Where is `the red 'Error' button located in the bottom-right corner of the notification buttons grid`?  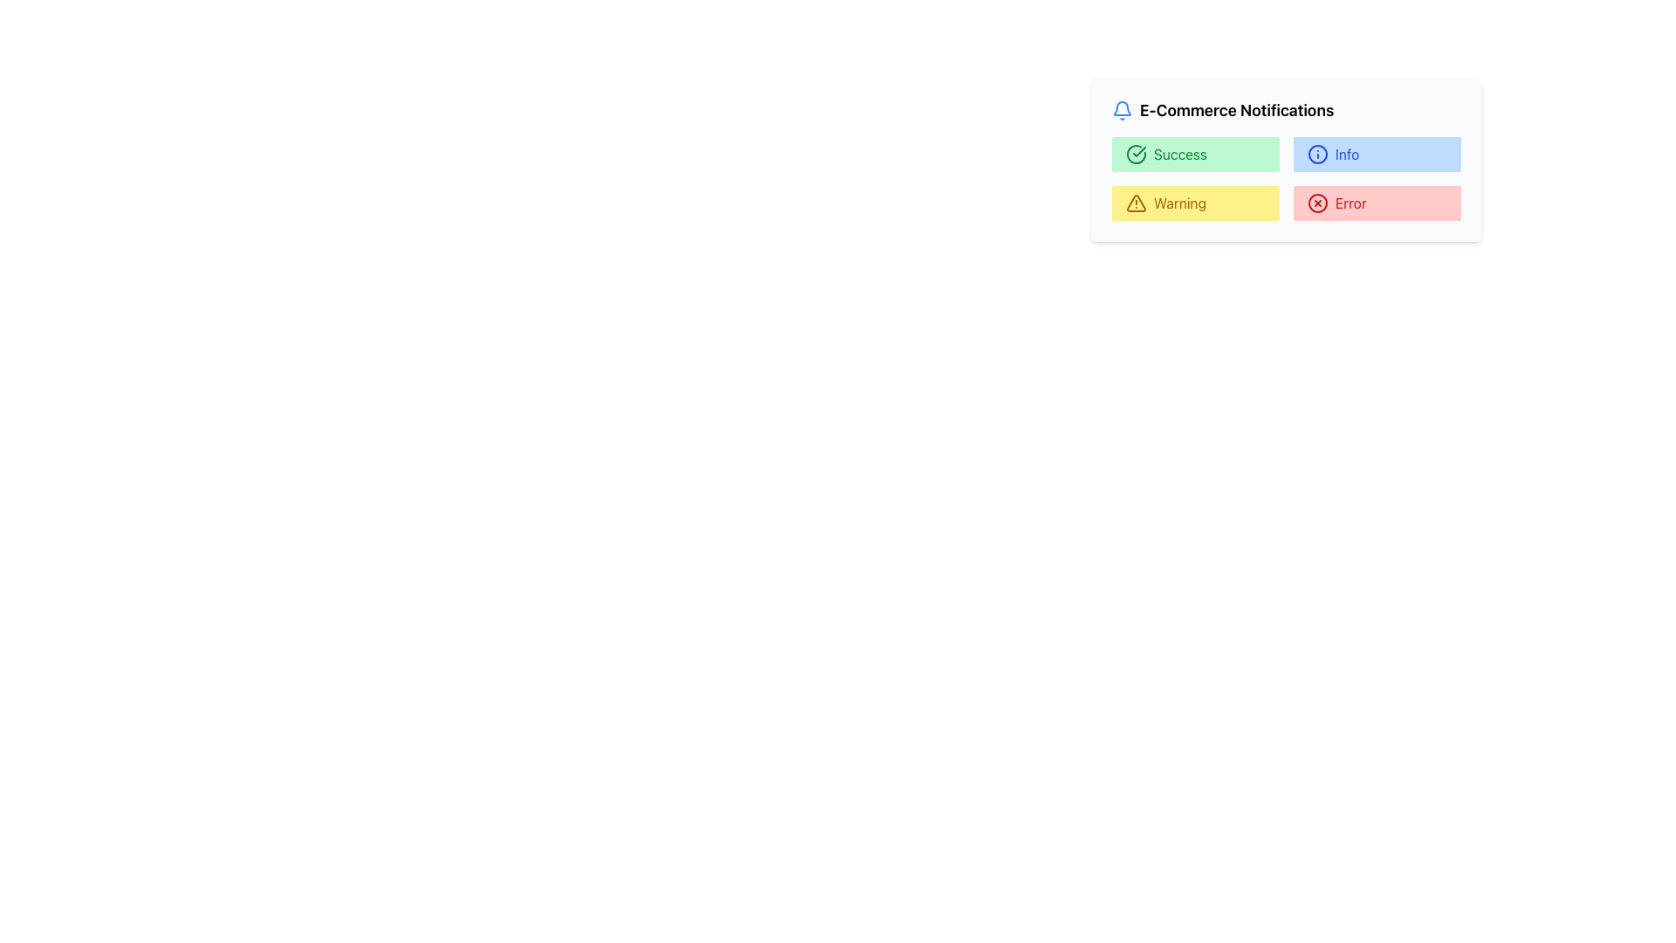 the red 'Error' button located in the bottom-right corner of the notification buttons grid is located at coordinates (1377, 202).